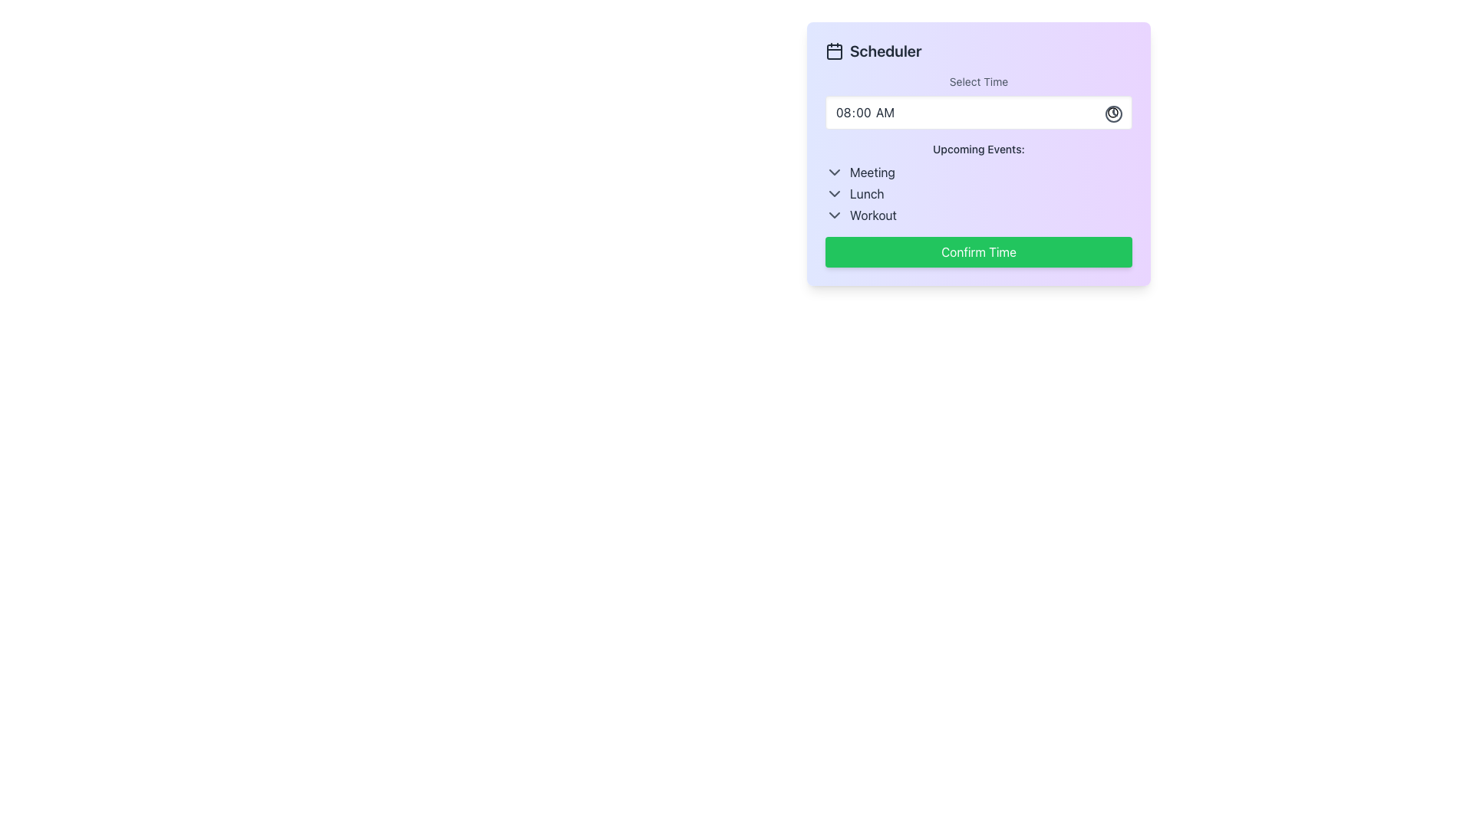  What do you see at coordinates (978, 251) in the screenshot?
I see `the 'Confirm Time' button located at the bottom of the scheduling interface to finalize the selected time option` at bounding box center [978, 251].